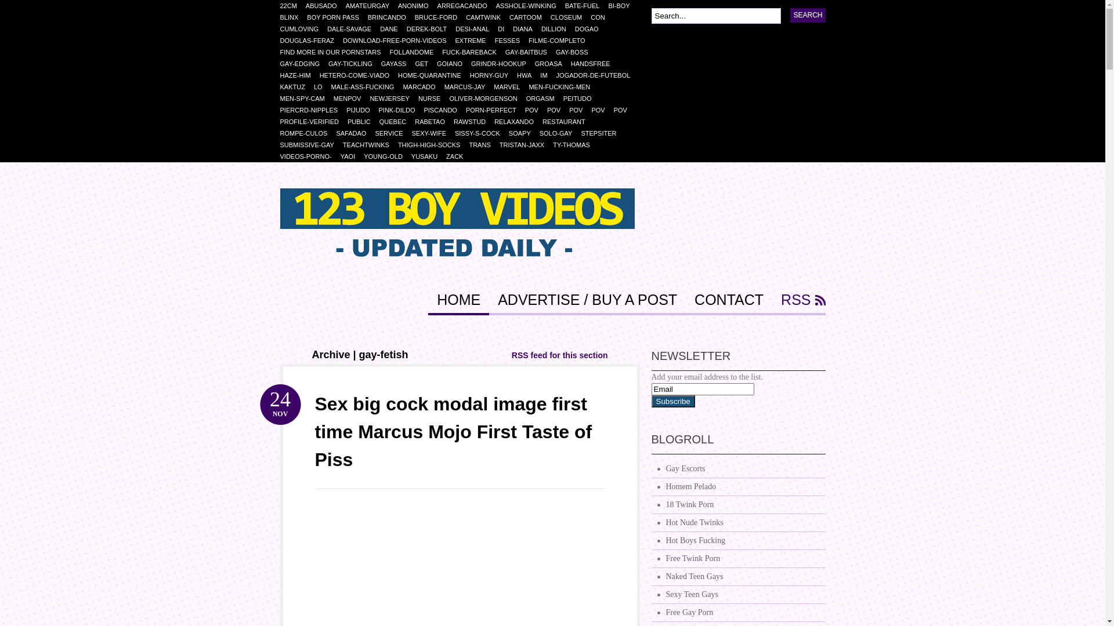  Describe the element at coordinates (552, 144) in the screenshot. I see `'TY-THOMAS'` at that location.